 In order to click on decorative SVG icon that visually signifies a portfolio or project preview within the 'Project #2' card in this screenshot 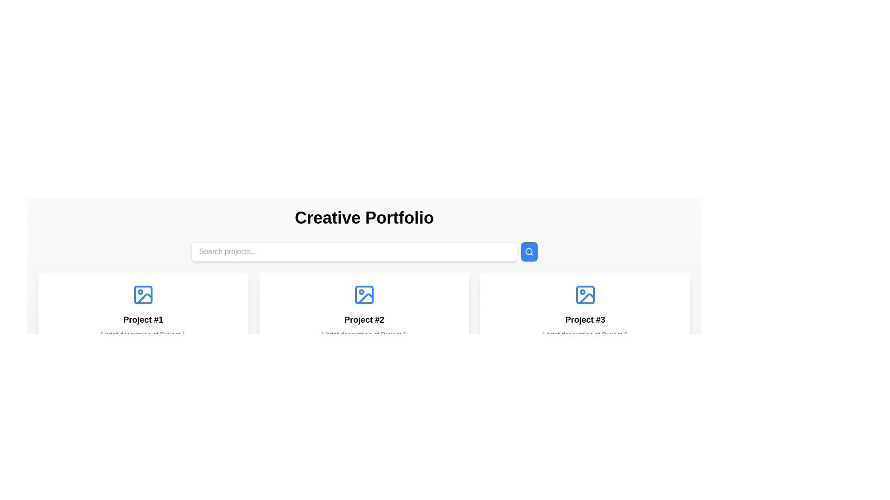, I will do `click(365, 299)`.